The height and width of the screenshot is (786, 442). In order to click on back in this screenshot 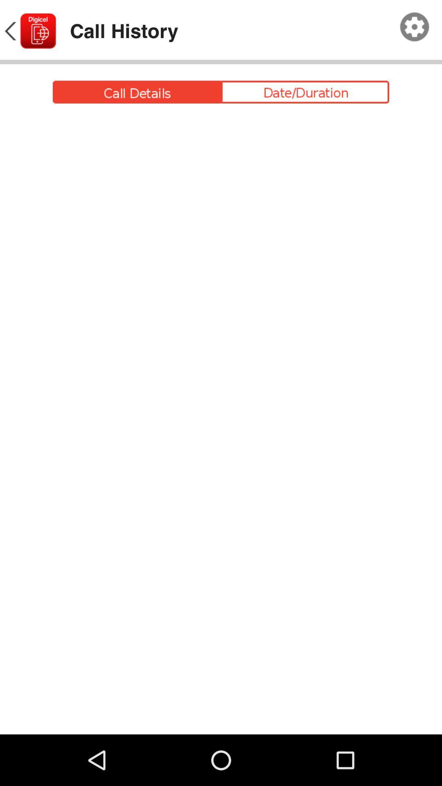, I will do `click(29, 31)`.